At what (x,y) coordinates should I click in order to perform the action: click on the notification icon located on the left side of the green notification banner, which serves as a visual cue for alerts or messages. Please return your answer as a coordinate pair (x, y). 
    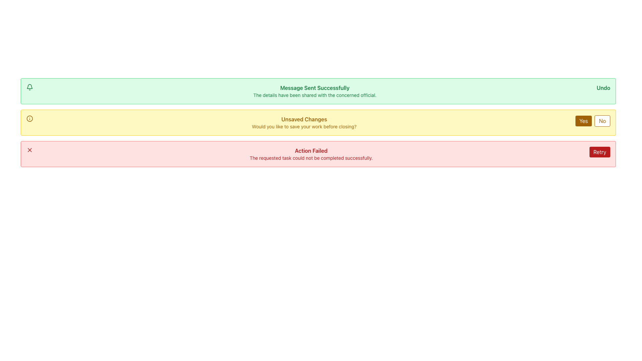
    Looking at the image, I should click on (29, 86).